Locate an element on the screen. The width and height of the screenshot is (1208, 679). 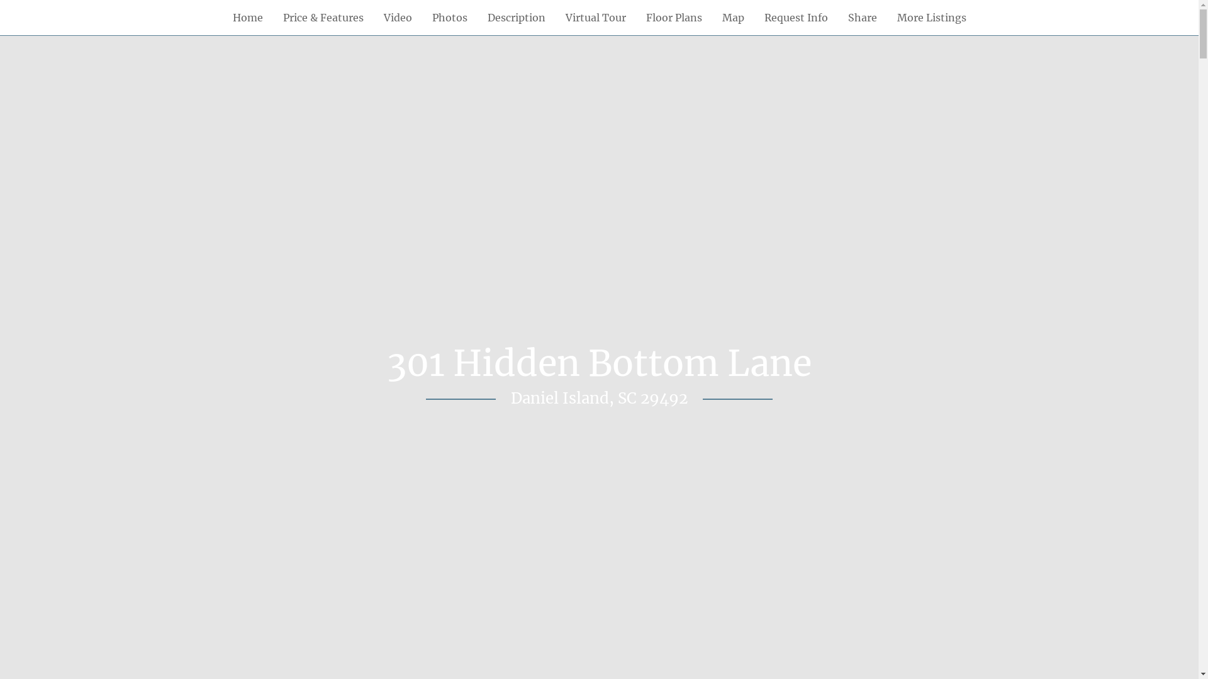
'Floor Plans' is located at coordinates (635, 17).